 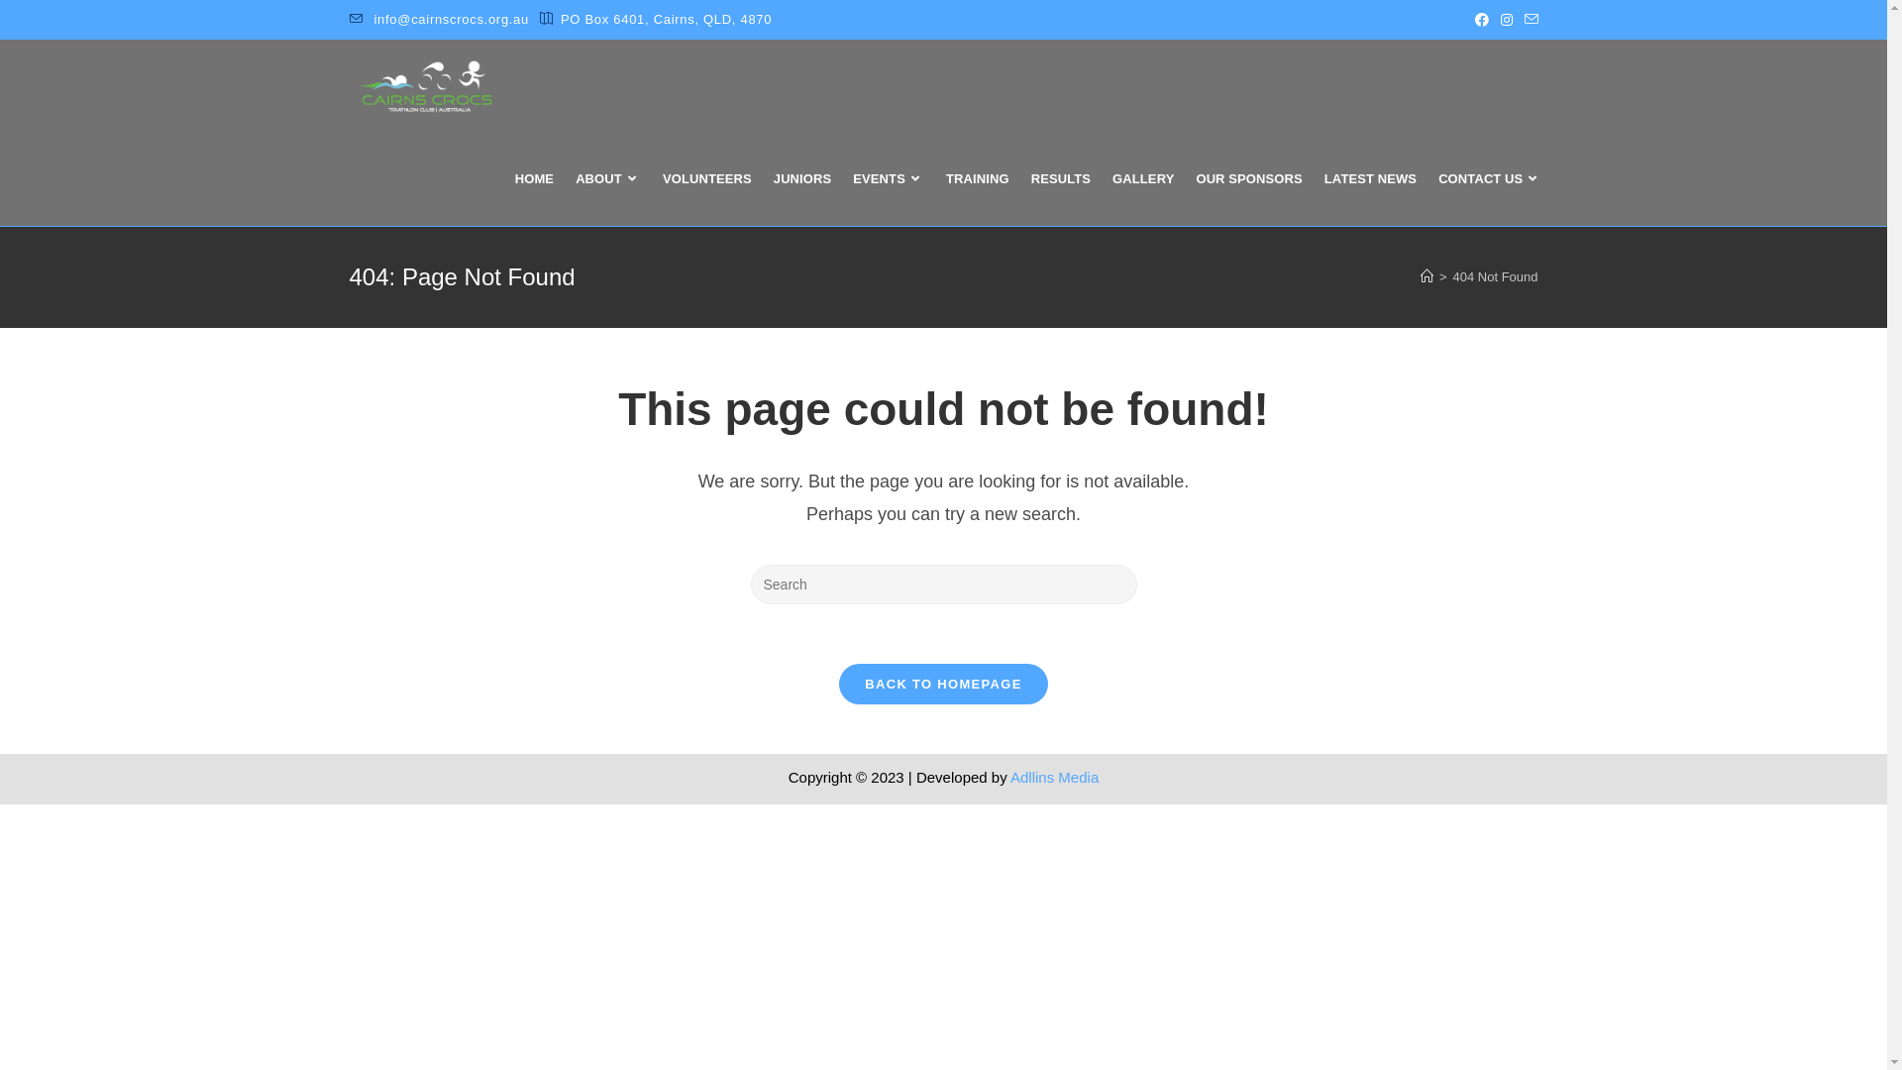 I want to click on 'RESULTS', so click(x=1059, y=179).